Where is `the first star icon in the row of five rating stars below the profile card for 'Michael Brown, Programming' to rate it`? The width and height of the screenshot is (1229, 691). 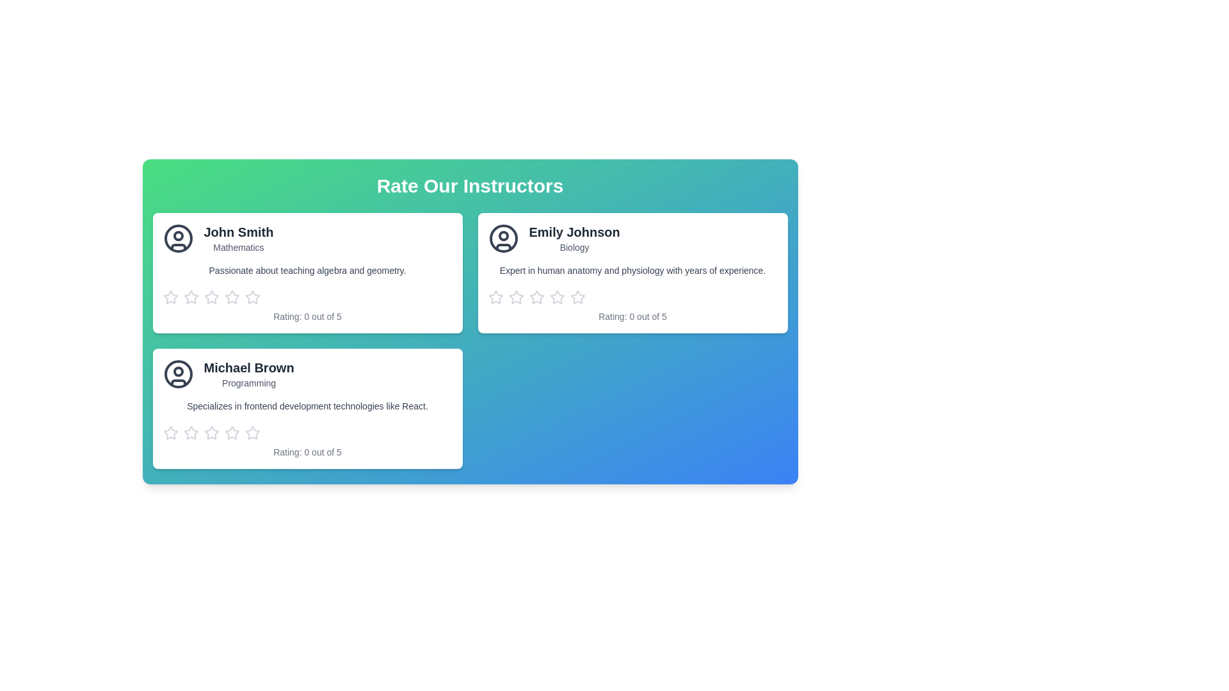
the first star icon in the row of five rating stars below the profile card for 'Michael Brown, Programming' to rate it is located at coordinates (169, 432).